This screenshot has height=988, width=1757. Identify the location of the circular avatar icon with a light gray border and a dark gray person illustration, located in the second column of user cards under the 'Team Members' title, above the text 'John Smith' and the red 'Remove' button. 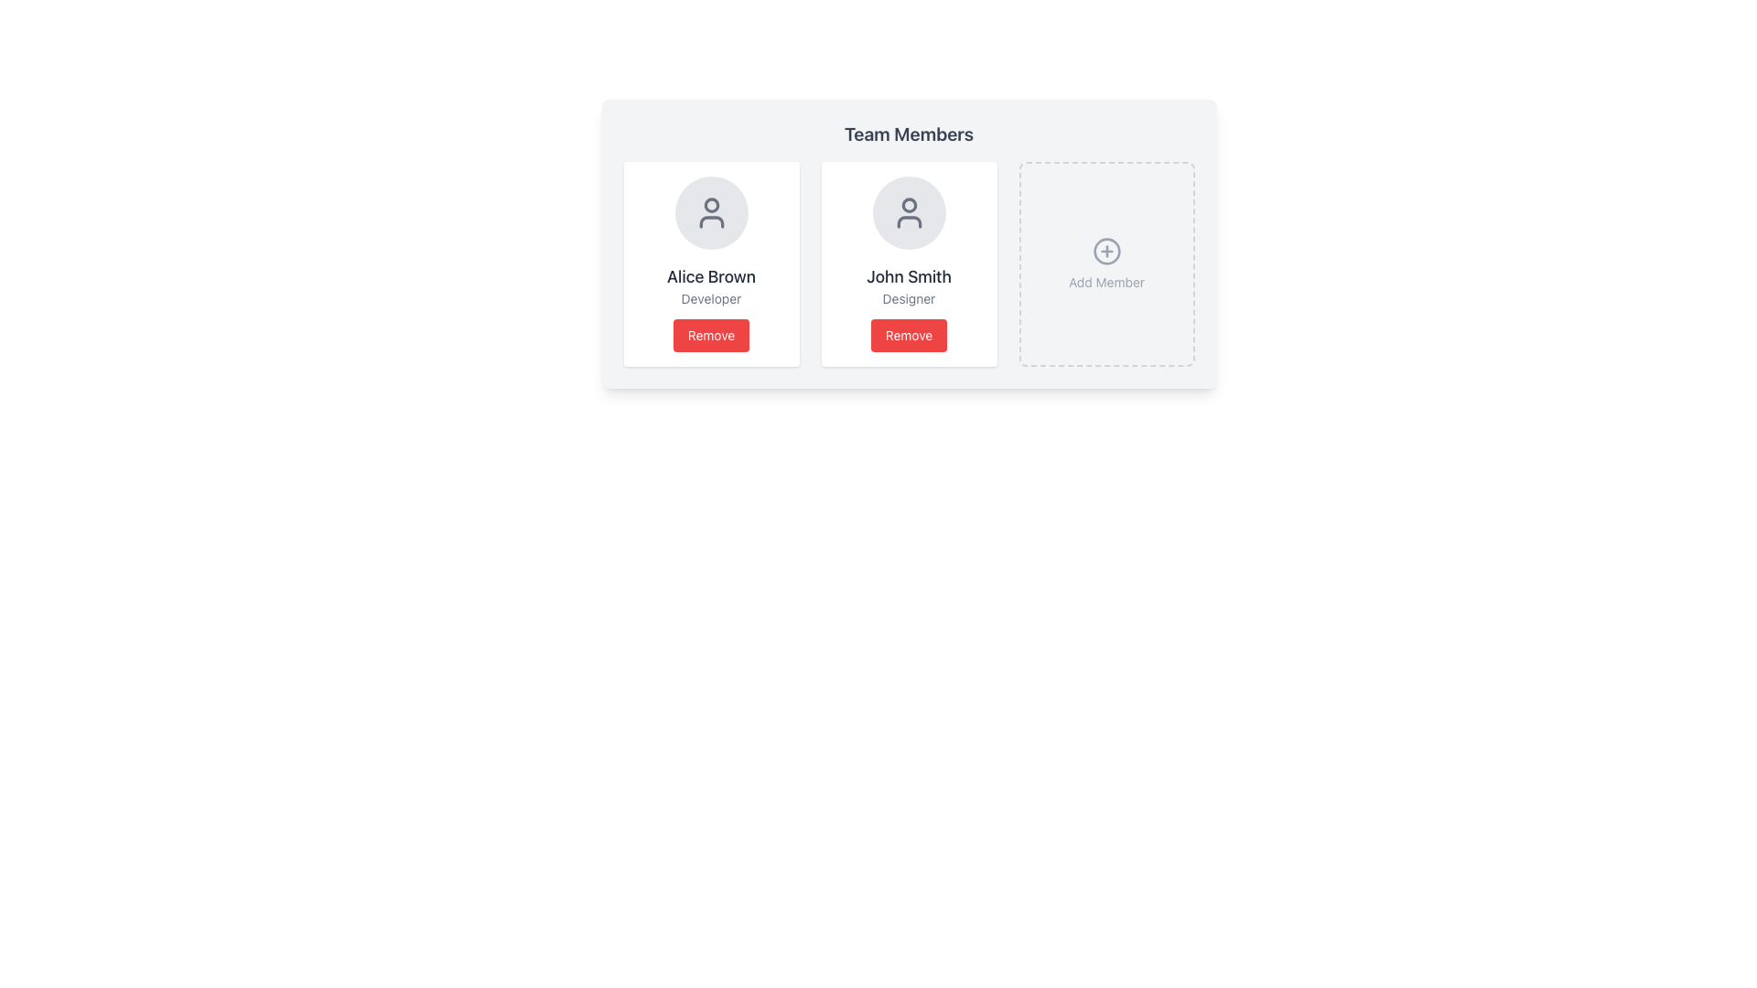
(909, 211).